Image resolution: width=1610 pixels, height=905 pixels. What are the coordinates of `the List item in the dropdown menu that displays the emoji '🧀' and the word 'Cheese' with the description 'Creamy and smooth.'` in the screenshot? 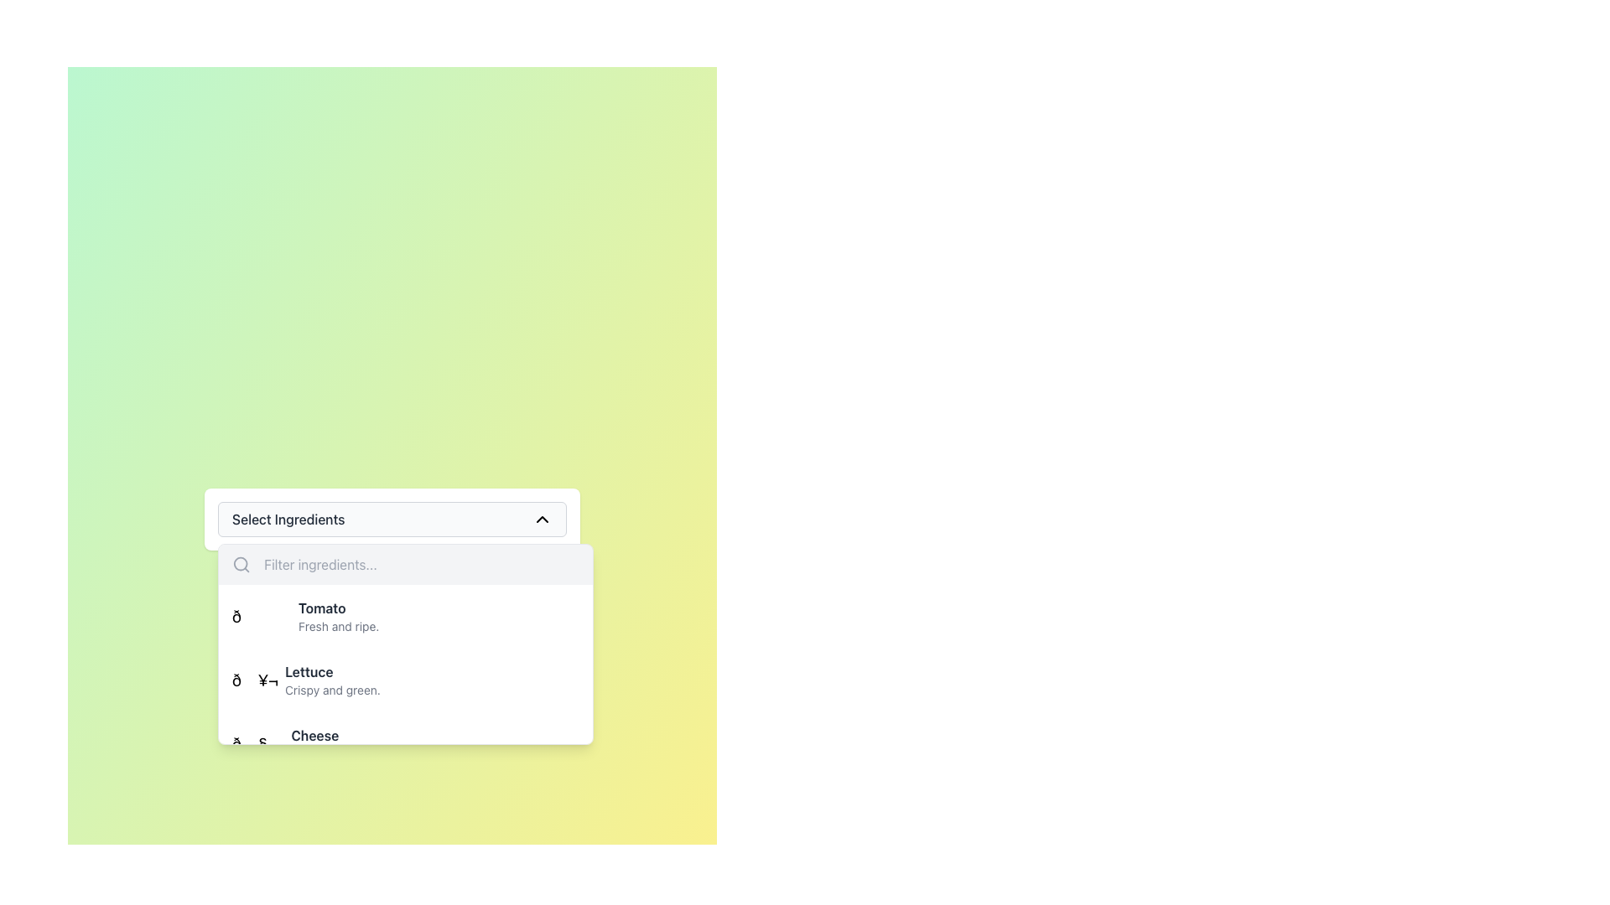 It's located at (406, 742).